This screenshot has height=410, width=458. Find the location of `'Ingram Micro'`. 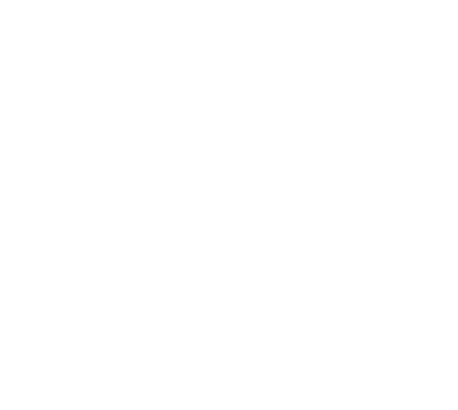

'Ingram Micro' is located at coordinates (175, 312).